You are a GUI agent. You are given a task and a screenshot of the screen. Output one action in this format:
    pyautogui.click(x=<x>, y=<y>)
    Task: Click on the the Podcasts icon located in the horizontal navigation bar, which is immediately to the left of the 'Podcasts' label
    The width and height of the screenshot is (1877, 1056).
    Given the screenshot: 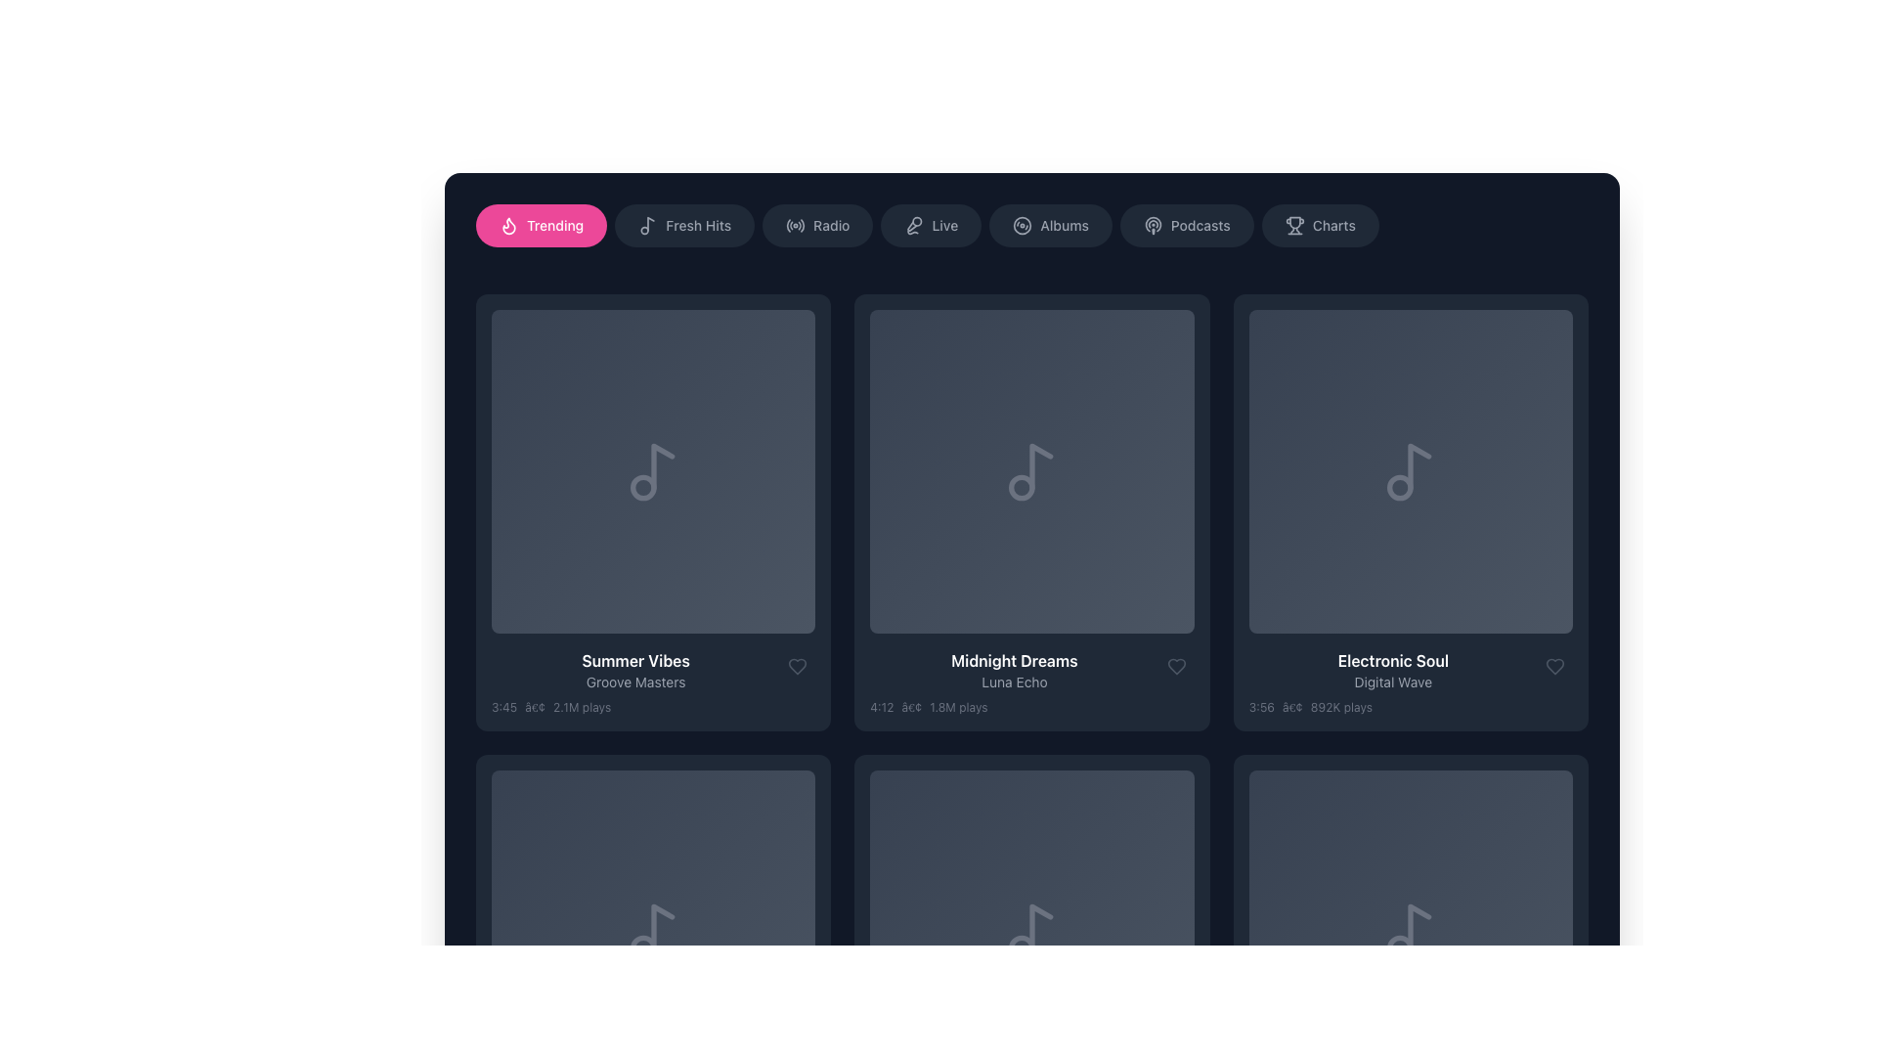 What is the action you would take?
    pyautogui.click(x=1153, y=225)
    